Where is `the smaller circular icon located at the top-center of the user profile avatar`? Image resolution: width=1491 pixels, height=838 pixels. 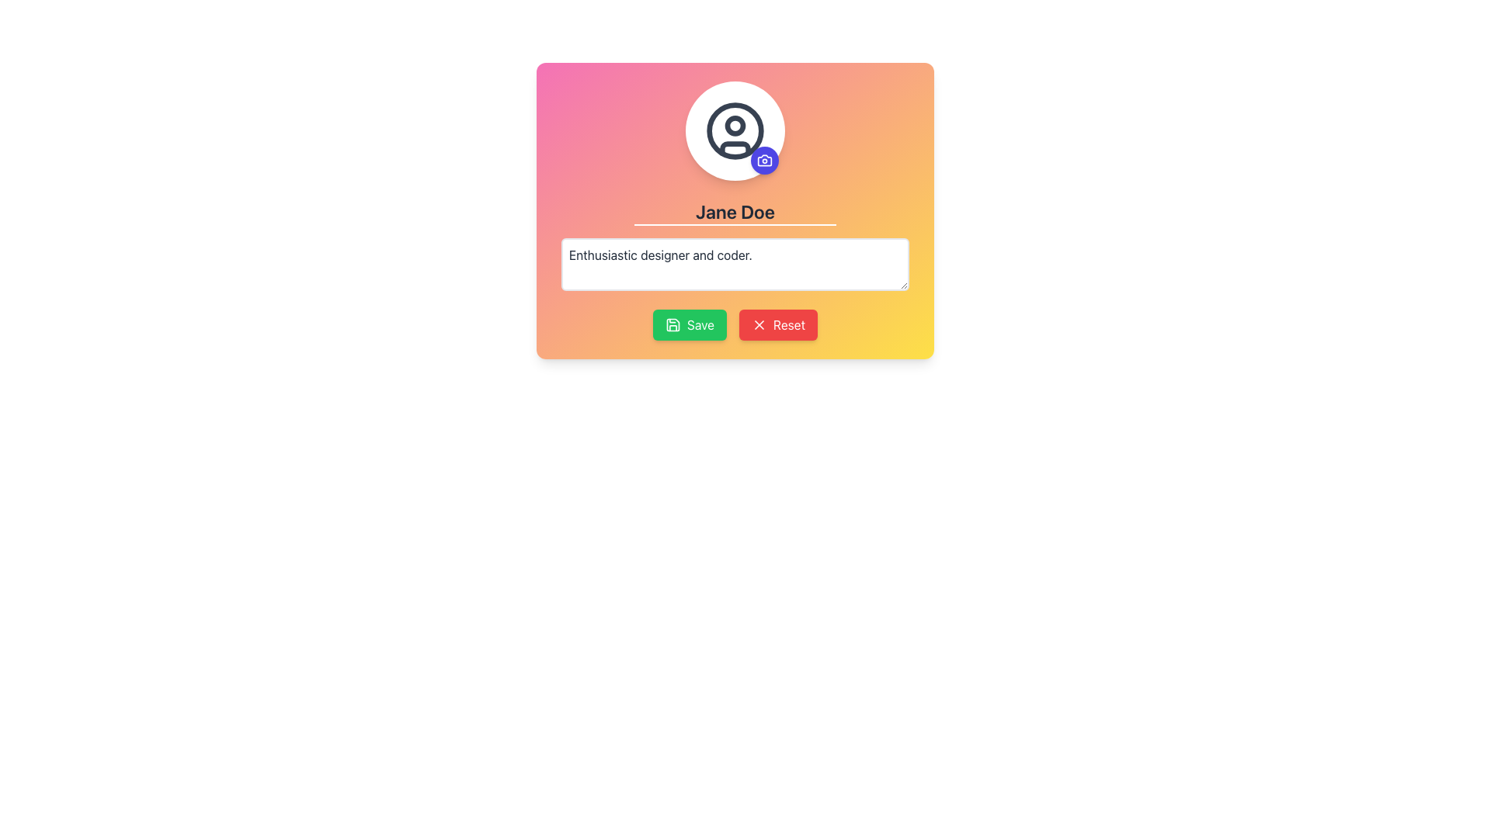 the smaller circular icon located at the top-center of the user profile avatar is located at coordinates (734, 125).